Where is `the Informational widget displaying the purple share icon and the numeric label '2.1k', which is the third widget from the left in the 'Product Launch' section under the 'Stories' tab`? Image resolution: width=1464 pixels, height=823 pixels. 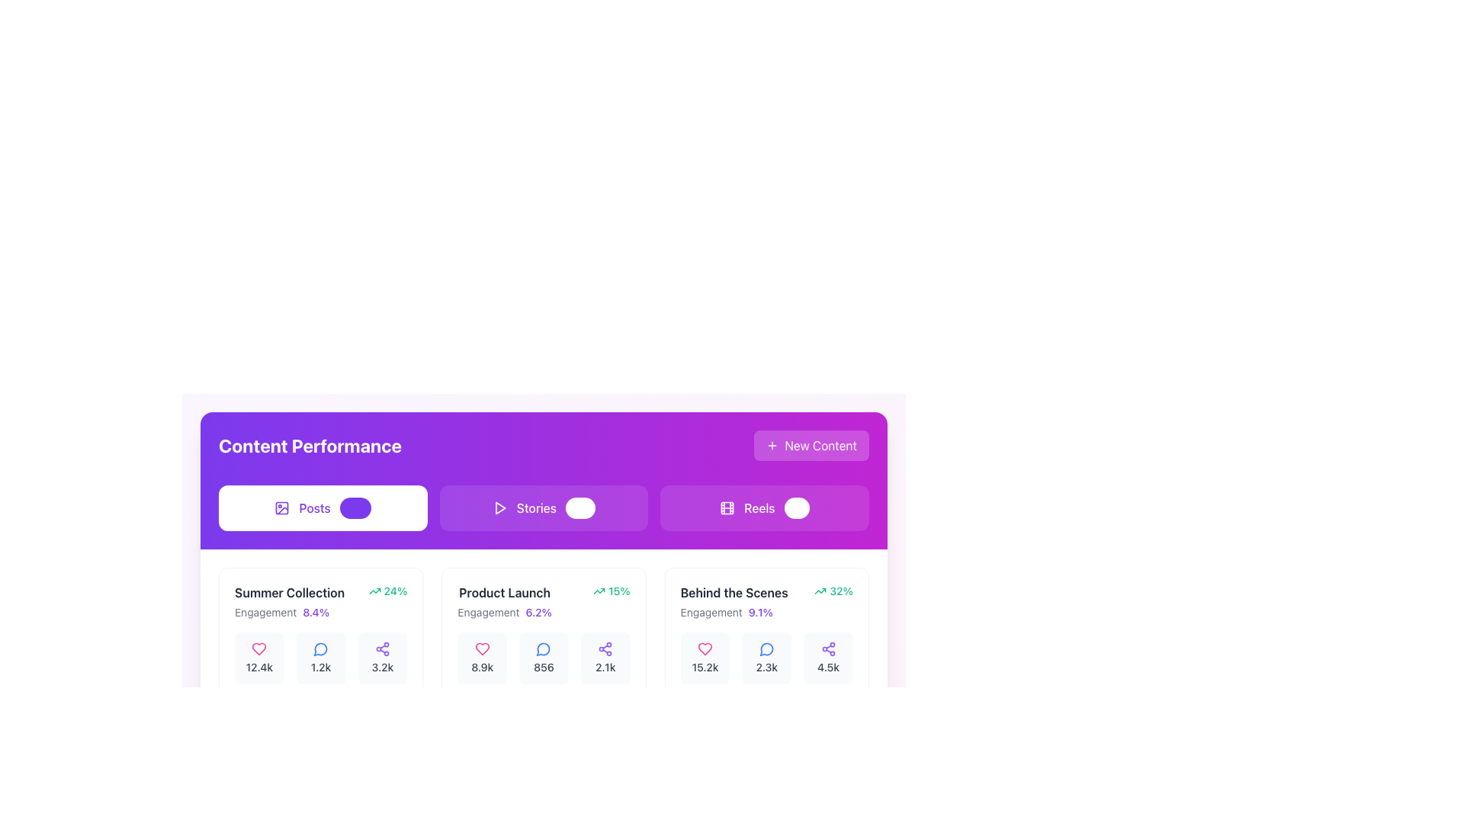
the Informational widget displaying the purple share icon and the numeric label '2.1k', which is the third widget from the left in the 'Product Launch' section under the 'Stories' tab is located at coordinates (605, 658).